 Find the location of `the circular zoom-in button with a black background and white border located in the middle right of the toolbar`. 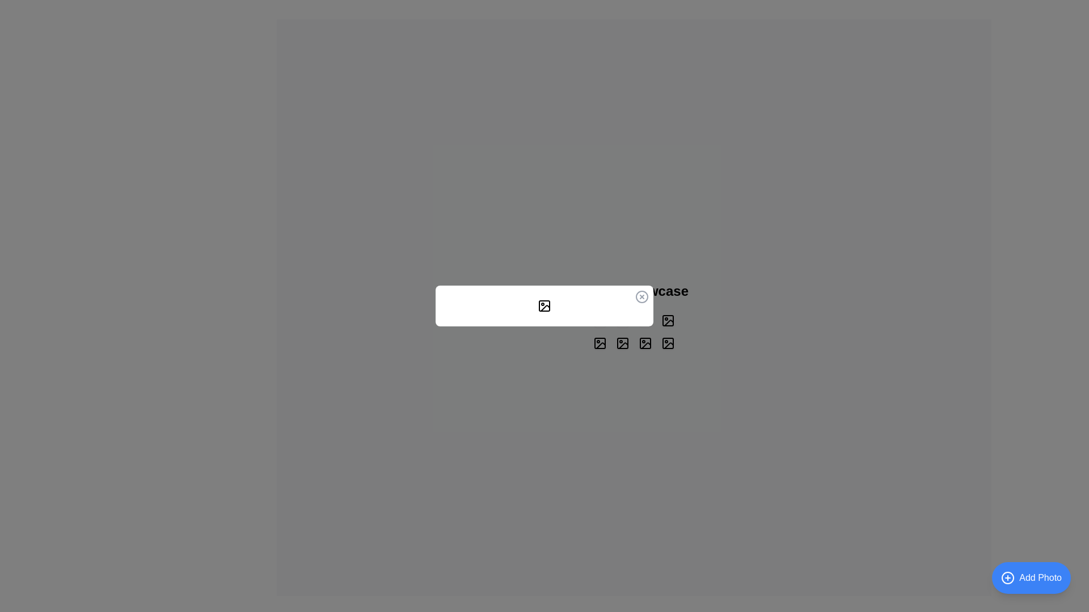

the circular zoom-in button with a black background and white border located in the middle right of the toolbar is located at coordinates (599, 321).